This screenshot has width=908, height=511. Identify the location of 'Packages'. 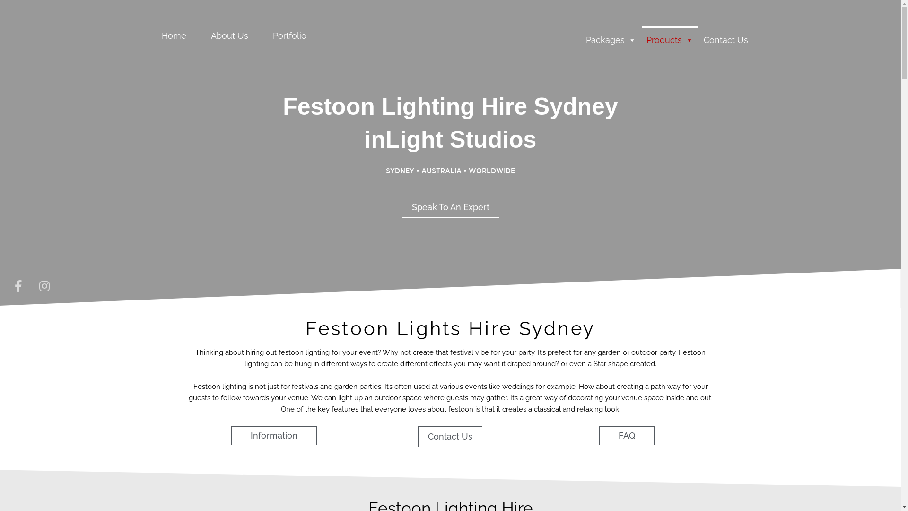
(611, 35).